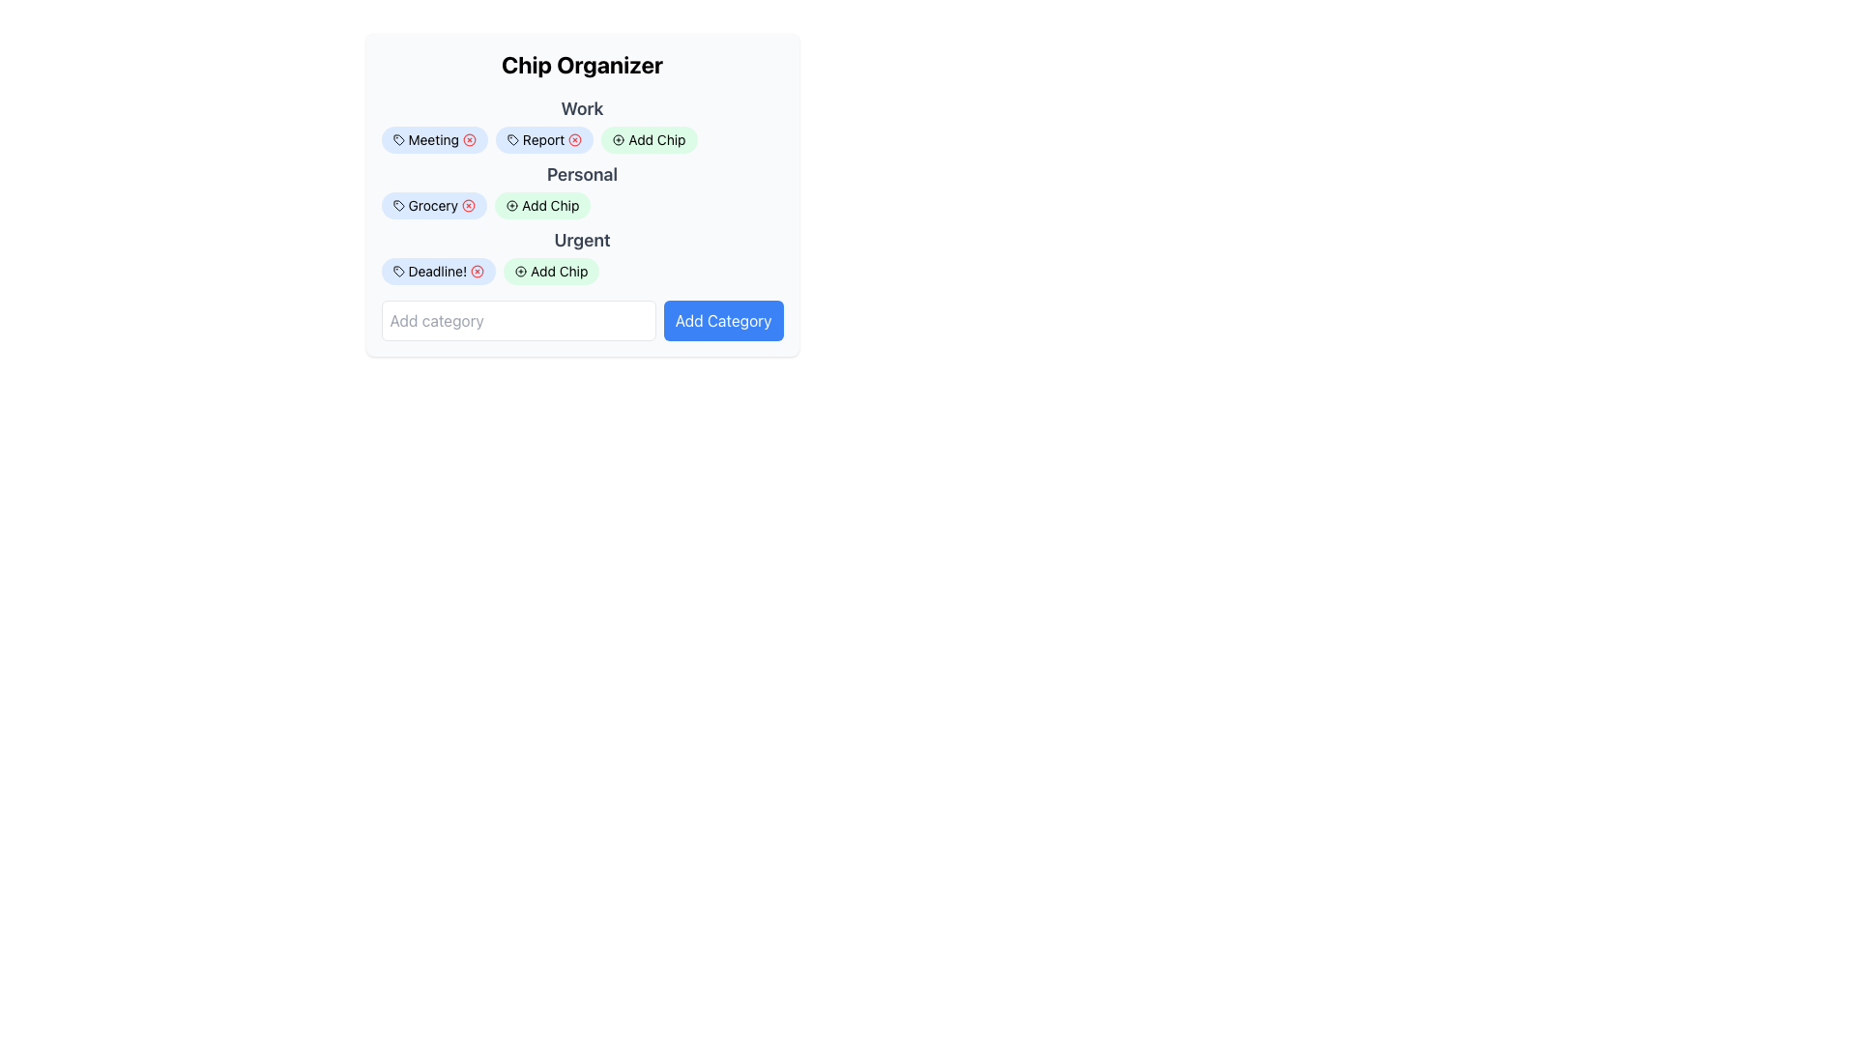  Describe the element at coordinates (541, 205) in the screenshot. I see `the second button` at that location.